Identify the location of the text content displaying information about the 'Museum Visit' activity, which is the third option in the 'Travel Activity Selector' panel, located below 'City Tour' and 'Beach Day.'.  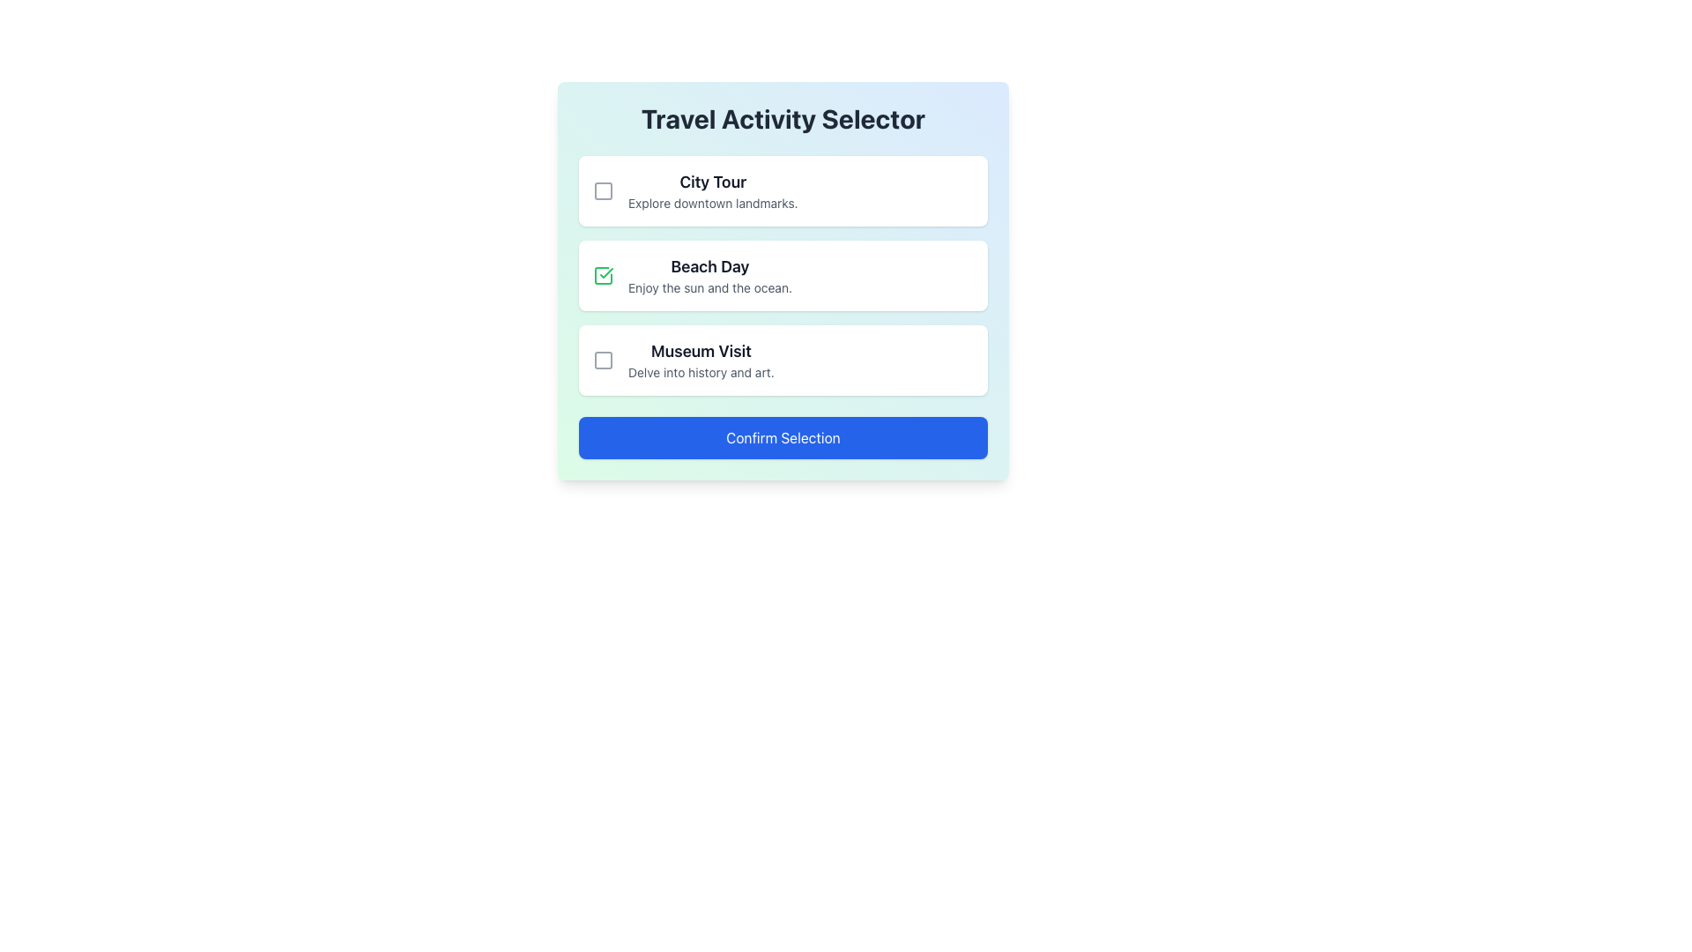
(700, 359).